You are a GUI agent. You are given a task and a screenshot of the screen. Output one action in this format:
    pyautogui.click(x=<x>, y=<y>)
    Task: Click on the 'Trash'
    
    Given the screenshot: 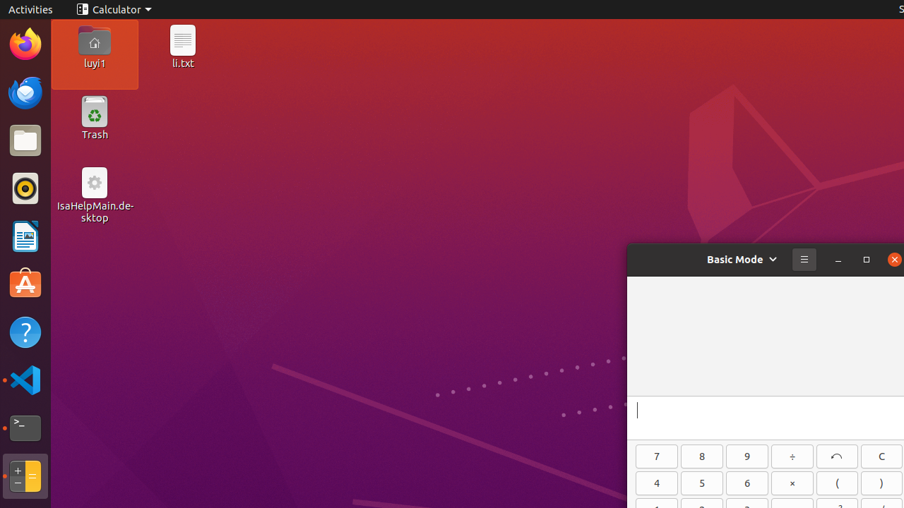 What is the action you would take?
    pyautogui.click(x=93, y=135)
    